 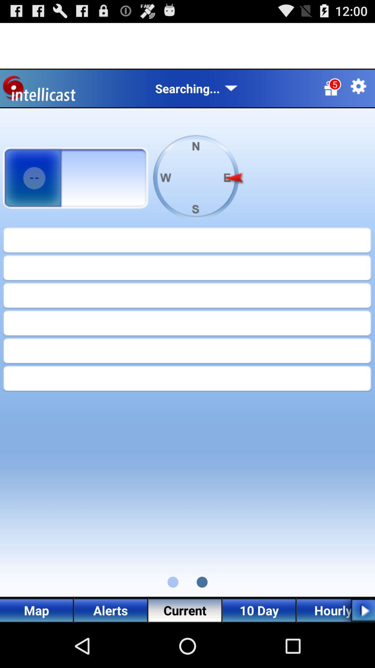 What do you see at coordinates (358, 92) in the screenshot?
I see `the settings icon` at bounding box center [358, 92].